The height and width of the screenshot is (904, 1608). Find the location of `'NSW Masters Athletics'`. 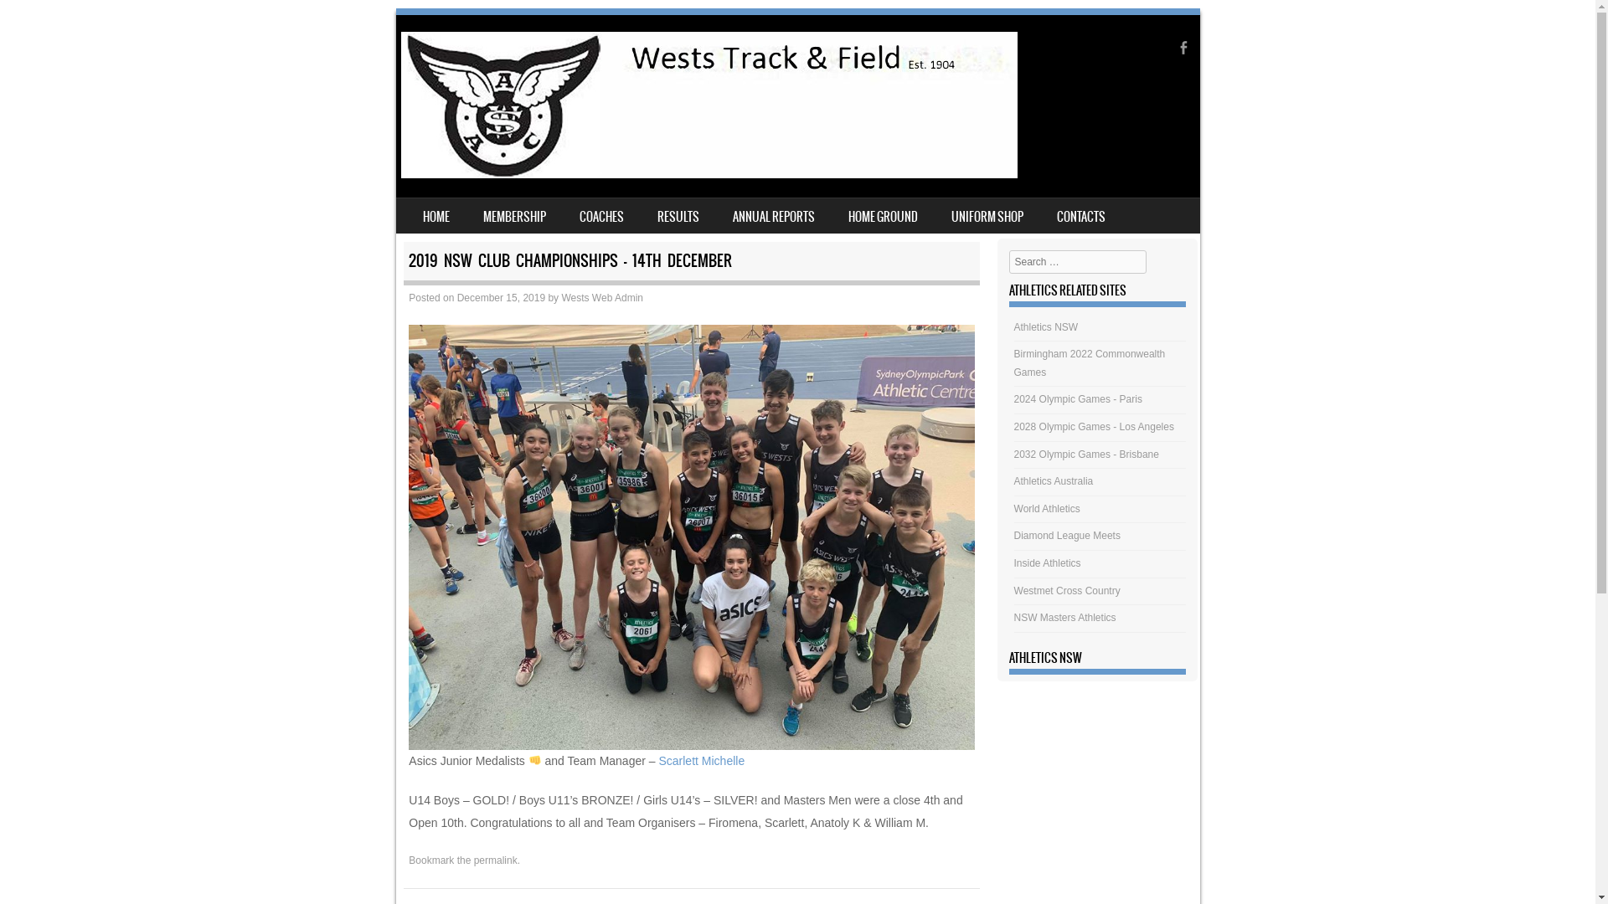

'NSW Masters Athletics' is located at coordinates (1064, 617).